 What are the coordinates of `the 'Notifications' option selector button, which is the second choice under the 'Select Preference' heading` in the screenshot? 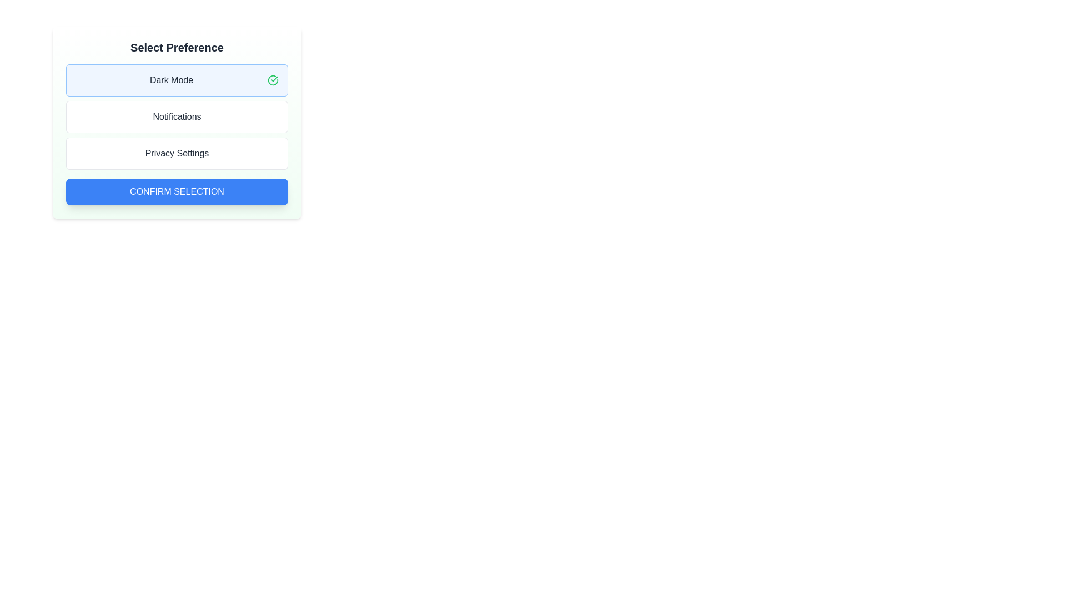 It's located at (176, 122).